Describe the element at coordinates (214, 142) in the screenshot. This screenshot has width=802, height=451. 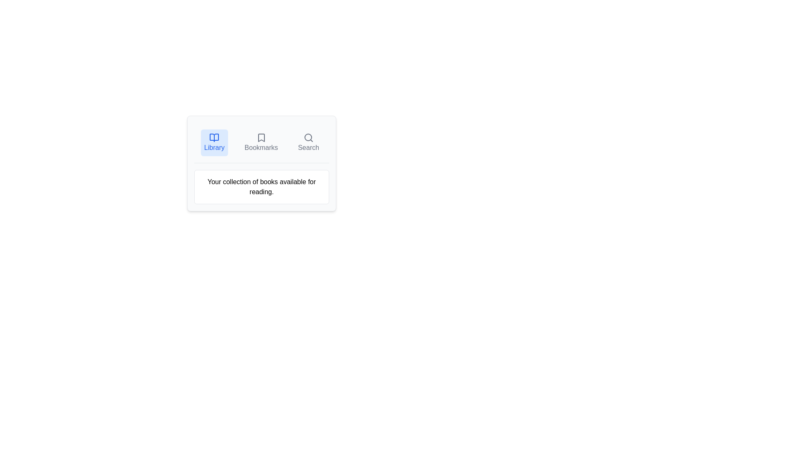
I see `the Library tab by clicking on the respective tab button` at that location.